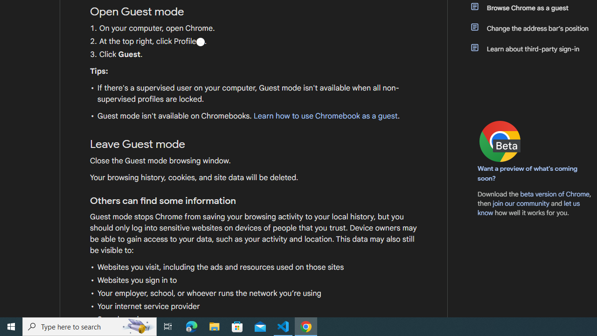  What do you see at coordinates (200, 41) in the screenshot?
I see `'Profile'` at bounding box center [200, 41].